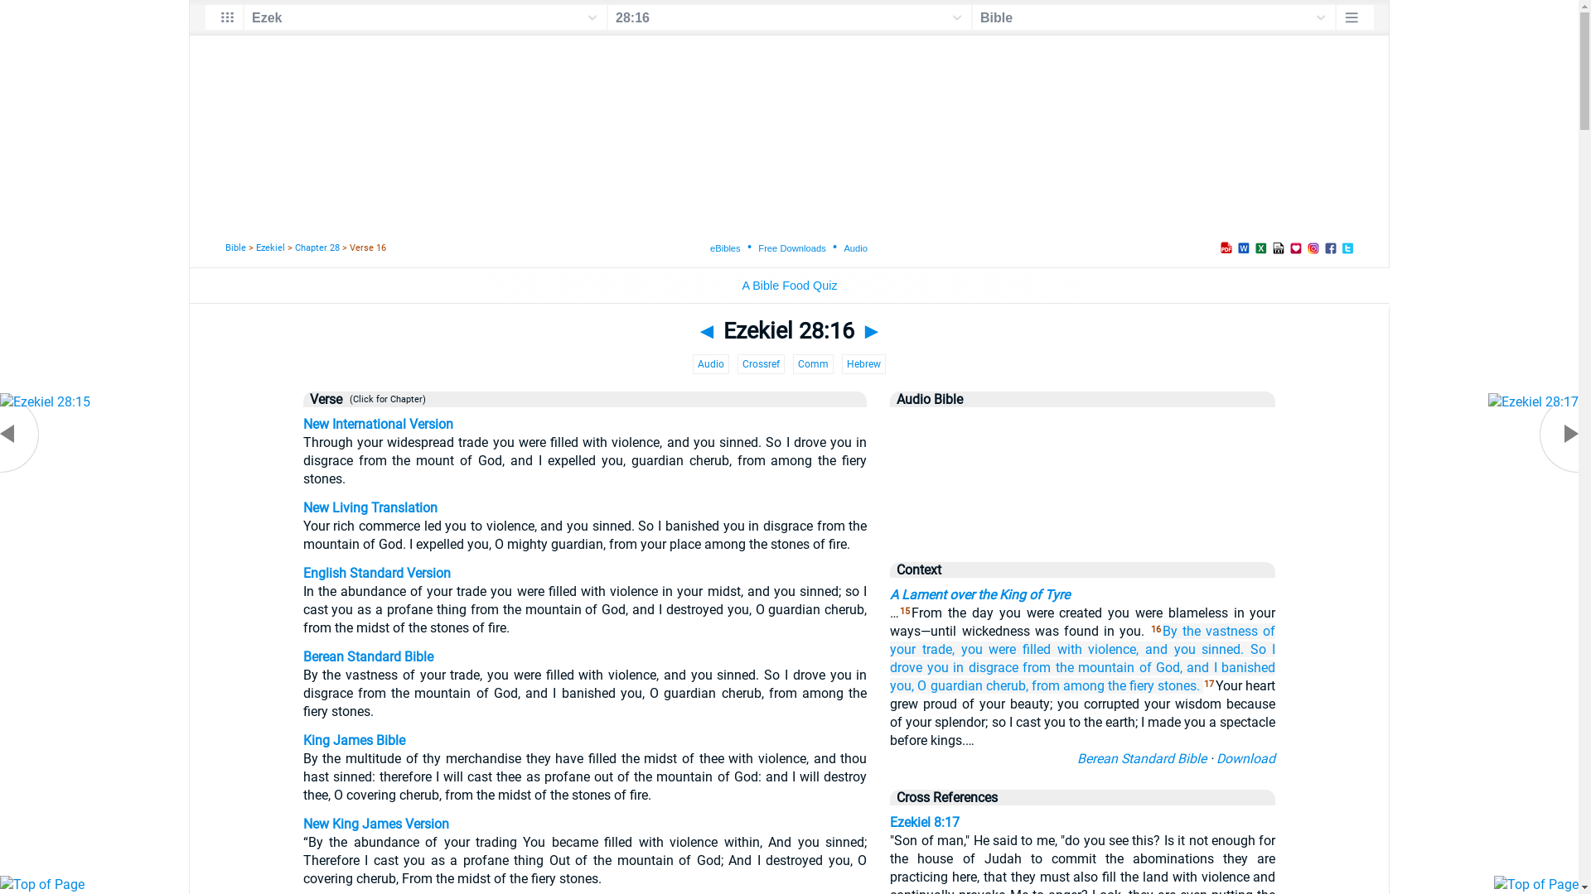 This screenshot has width=1591, height=894. What do you see at coordinates (45, 401) in the screenshot?
I see `'Ezekiel 28:15'` at bounding box center [45, 401].